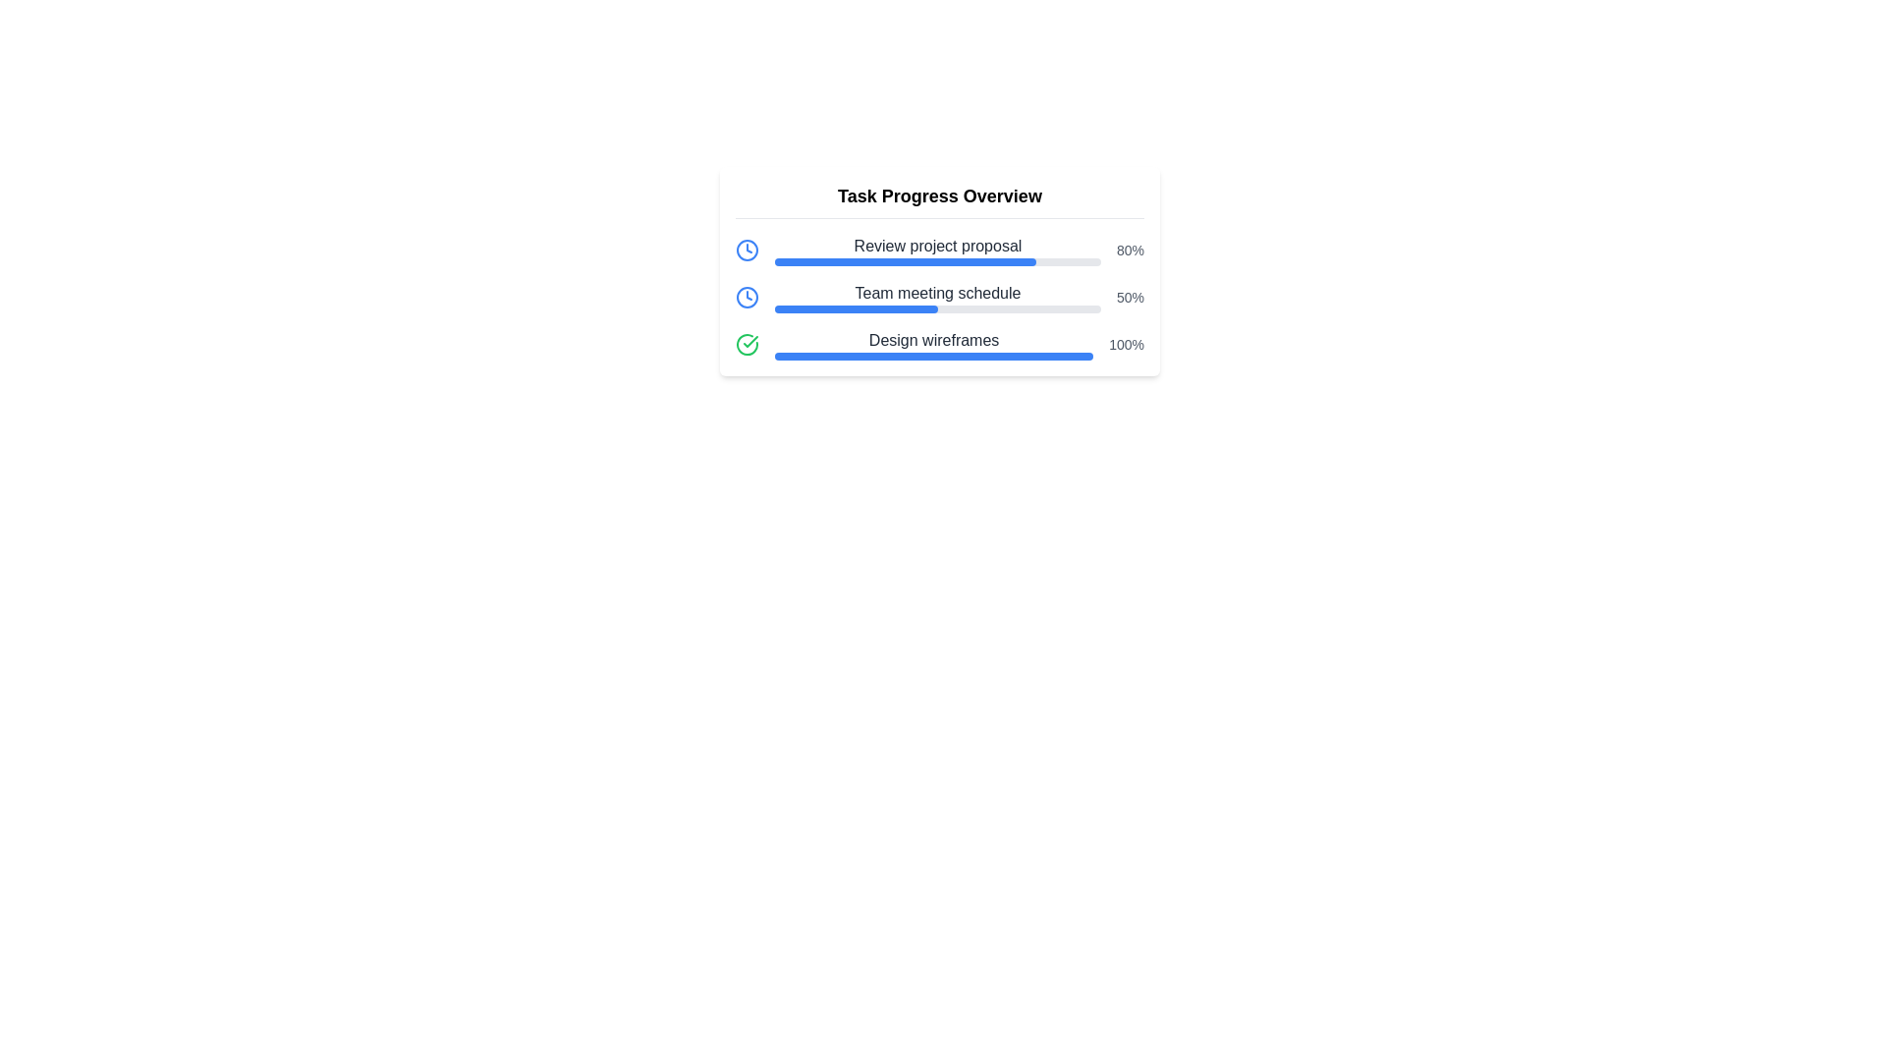  What do you see at coordinates (937, 294) in the screenshot?
I see `text label 'Team meeting schedule' which is the second item in a list of tasks, positioned below 'Review project proposal' and above 'Design wireframes'` at bounding box center [937, 294].